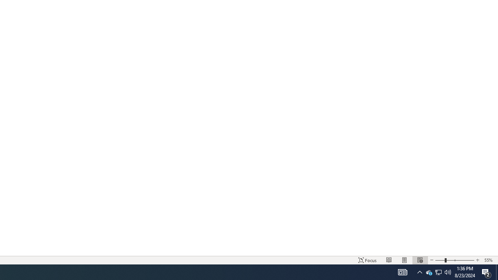 Image resolution: width=498 pixels, height=280 pixels. Describe the element at coordinates (454, 260) in the screenshot. I see `'Zoom'` at that location.